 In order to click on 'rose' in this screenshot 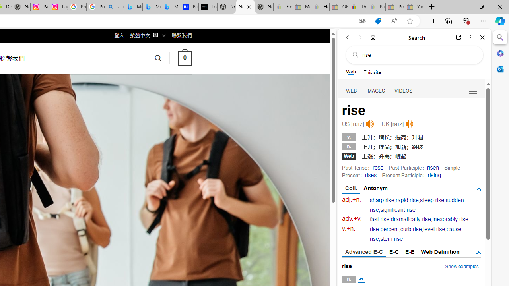, I will do `click(378, 167)`.